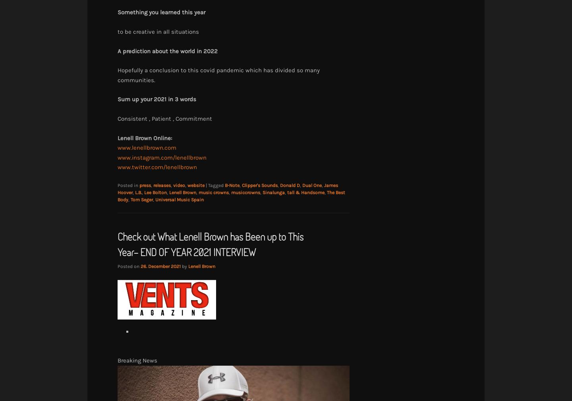 This screenshot has height=401, width=572. Describe the element at coordinates (305, 192) in the screenshot. I see `'tall & Handsome'` at that location.